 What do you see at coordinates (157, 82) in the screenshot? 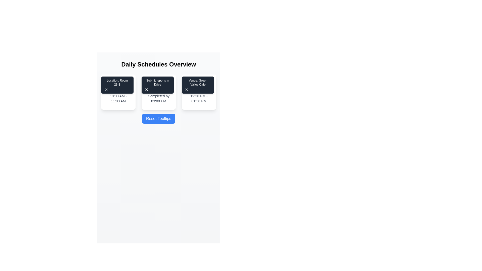
I see `the descriptive title text element located in the top section of the middle card in a horizontal list of three cards, positioned above the completion time text and below the card title` at bounding box center [157, 82].